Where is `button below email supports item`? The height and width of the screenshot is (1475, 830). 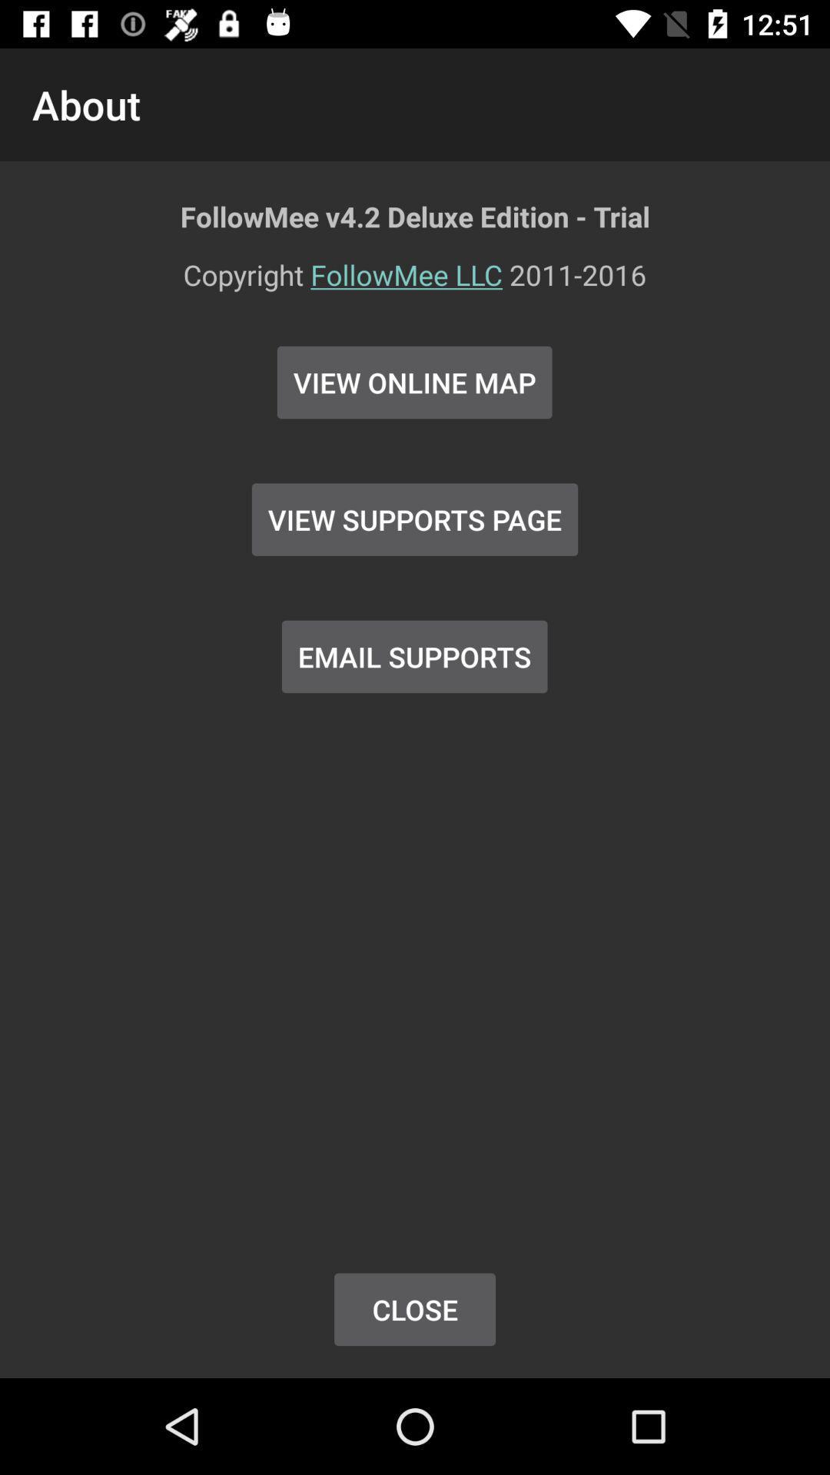
button below email supports item is located at coordinates (415, 1308).